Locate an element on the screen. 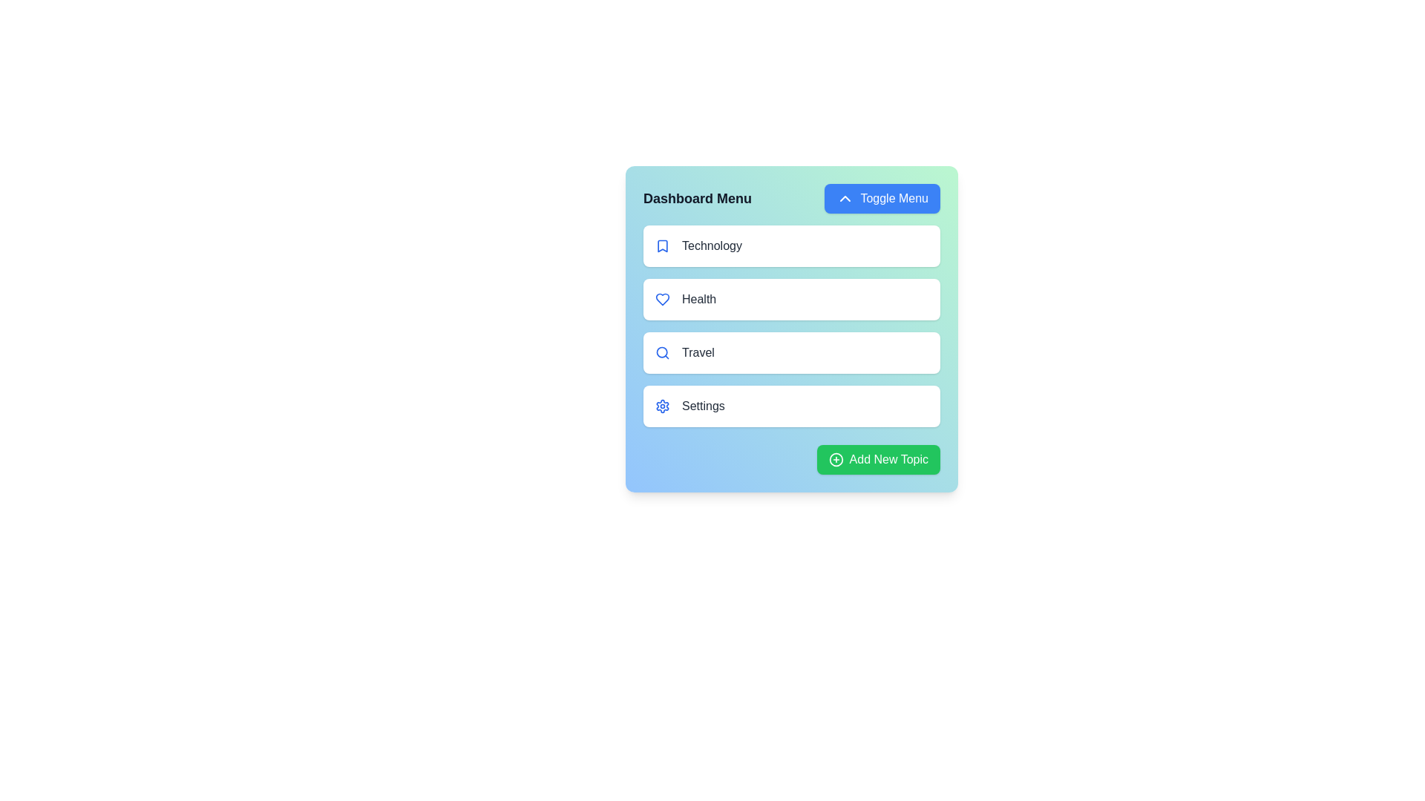  the icon associated with the topic Health in the list is located at coordinates (661, 300).